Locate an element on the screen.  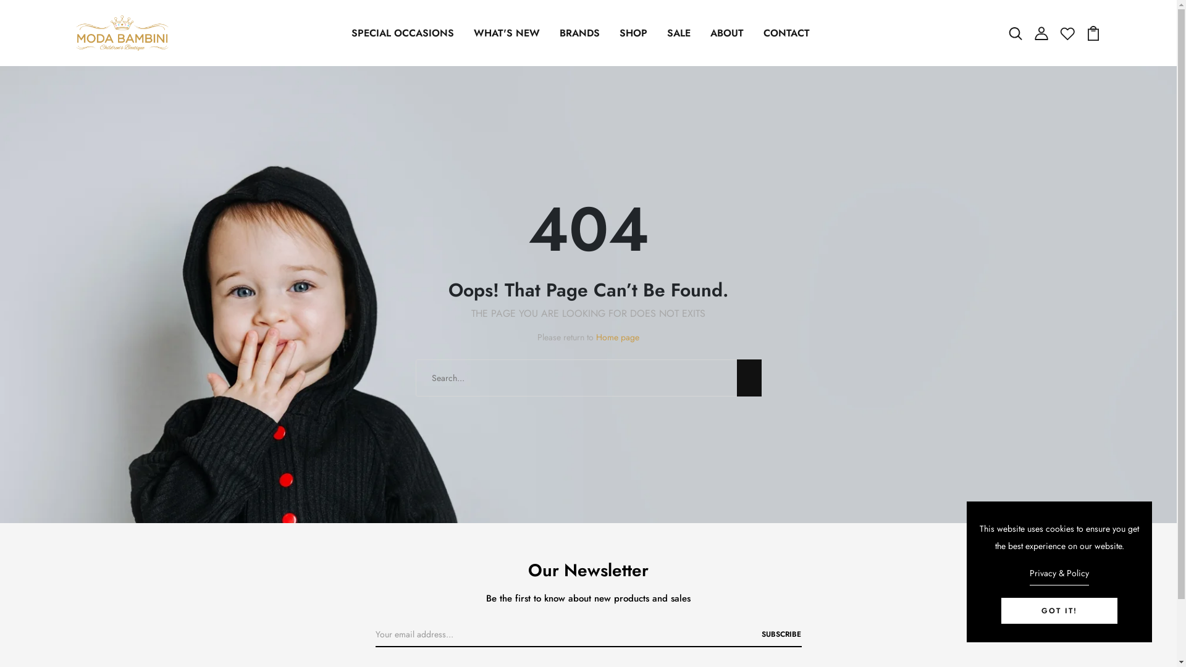
'image/svg+xml' is located at coordinates (1067, 31).